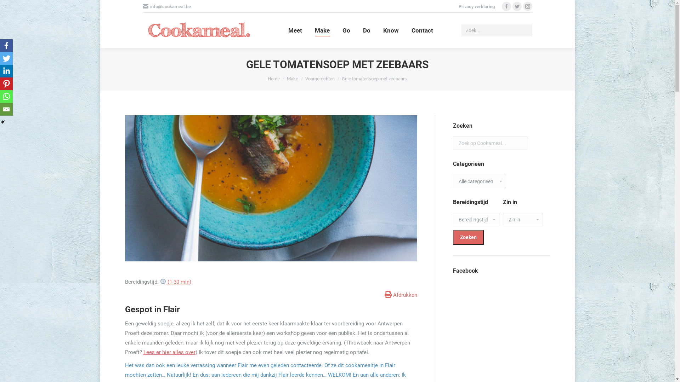  I want to click on 'Twitter page opens in new window', so click(517, 6).